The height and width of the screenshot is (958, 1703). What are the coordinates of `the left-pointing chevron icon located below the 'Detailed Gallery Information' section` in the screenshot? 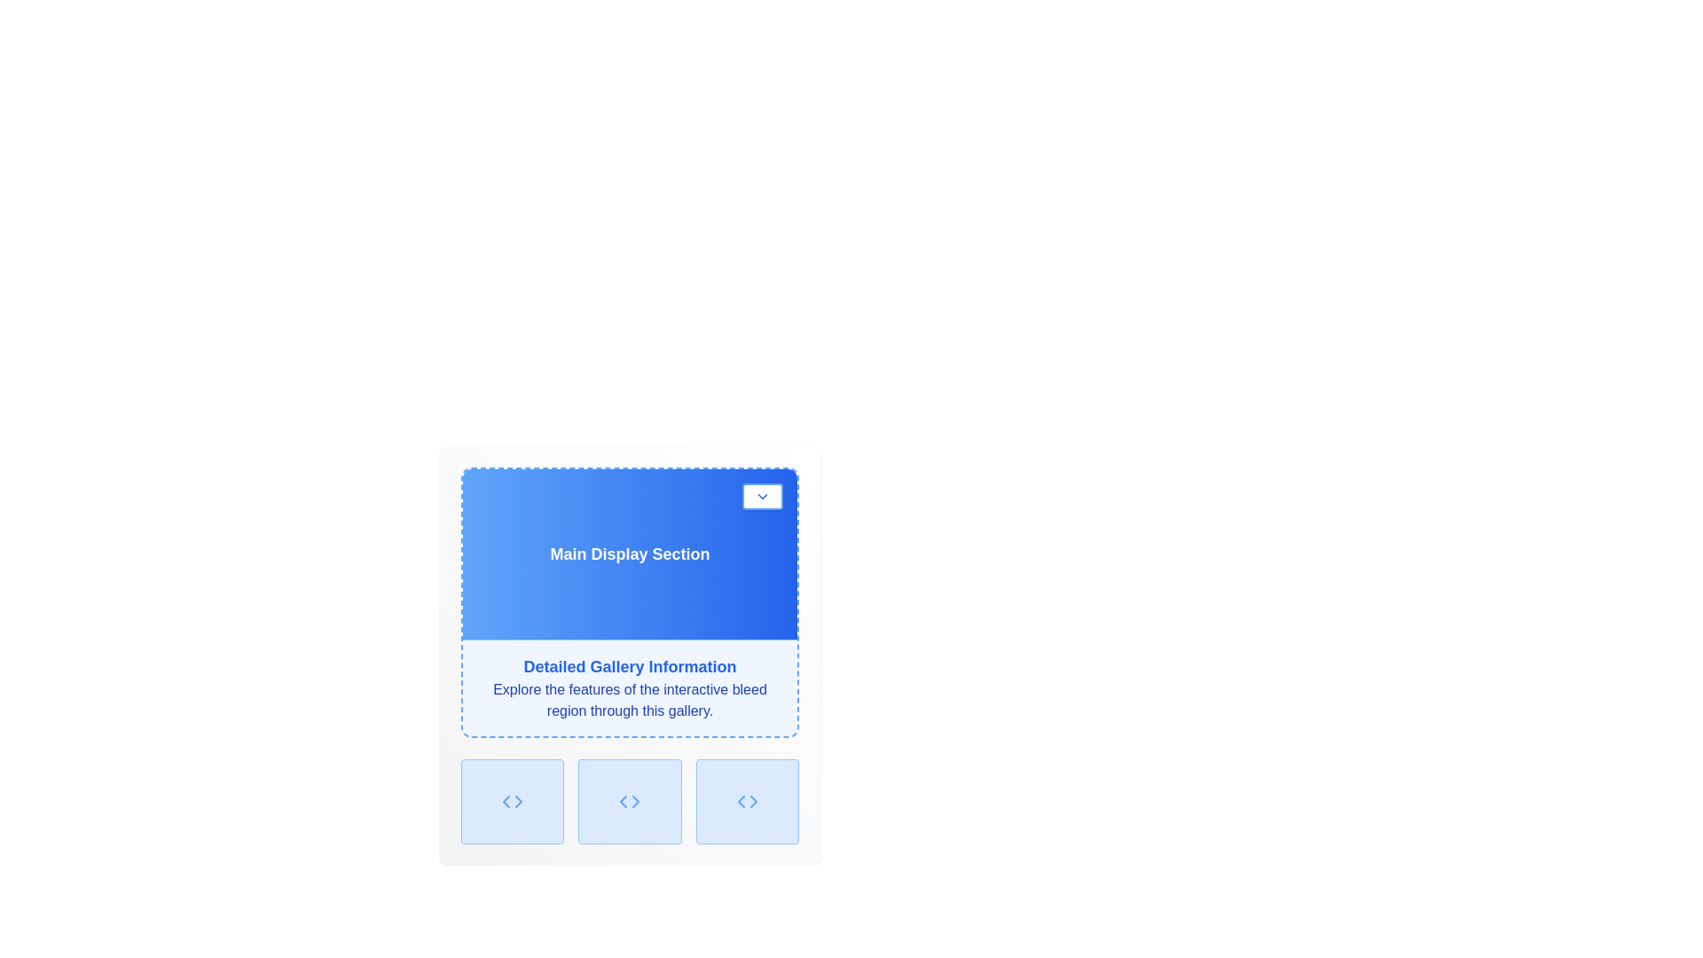 It's located at (624, 801).